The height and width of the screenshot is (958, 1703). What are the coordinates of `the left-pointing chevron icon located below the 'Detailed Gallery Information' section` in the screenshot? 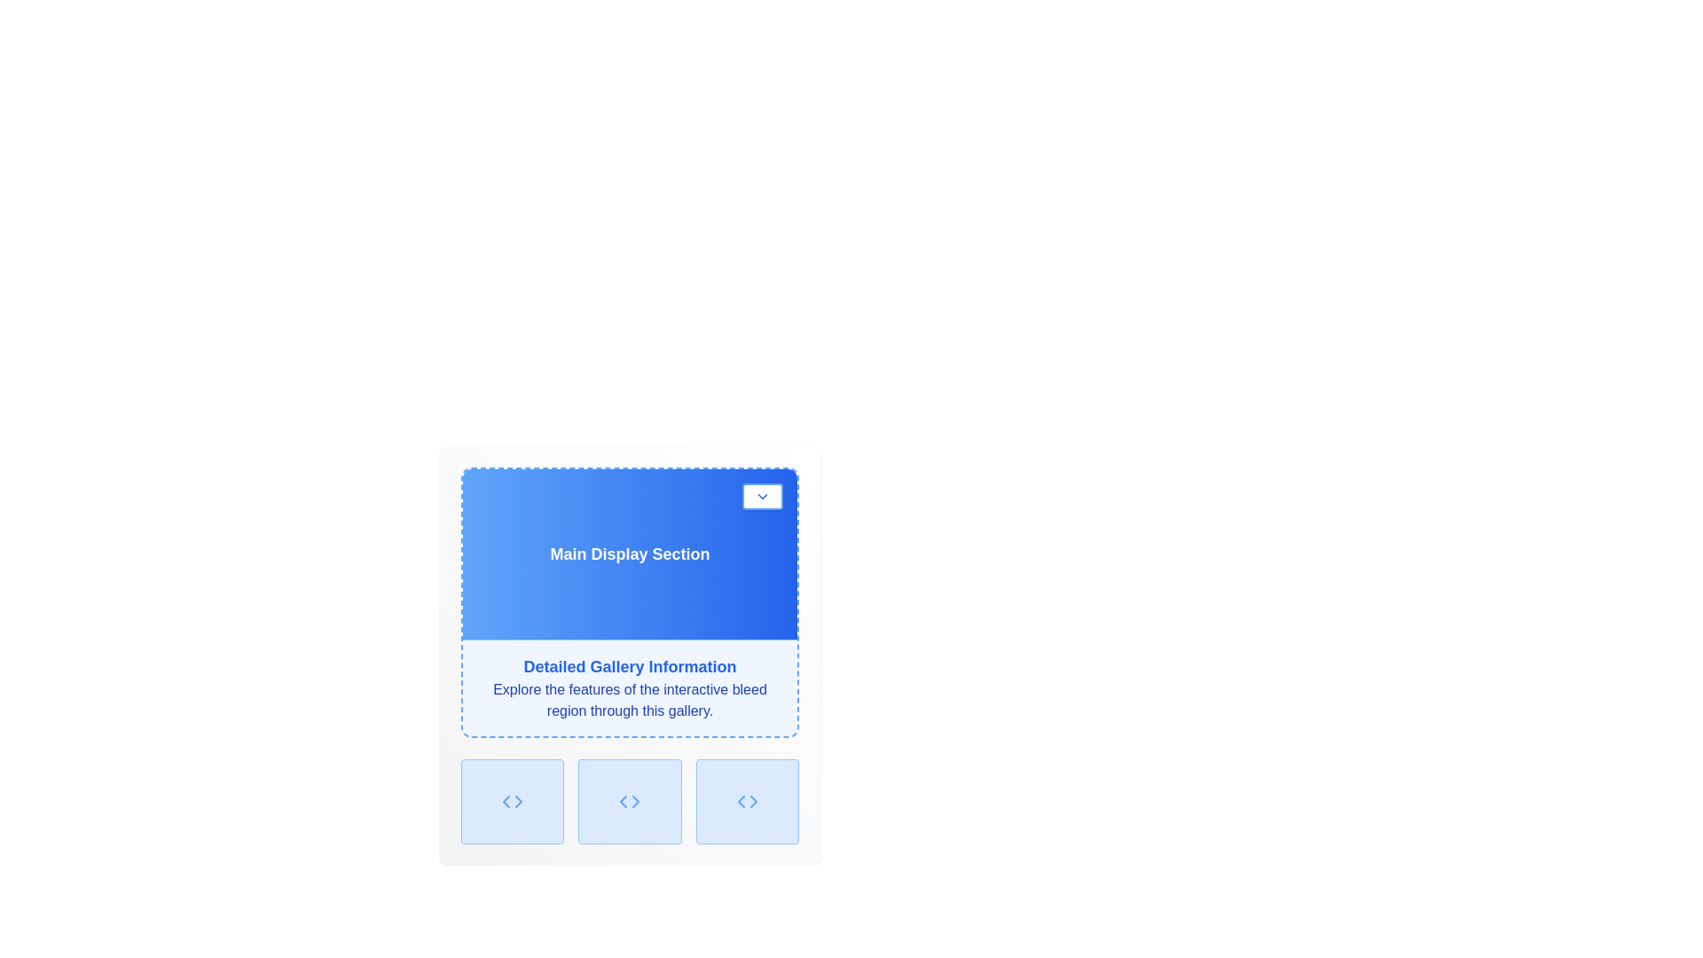 It's located at (624, 801).